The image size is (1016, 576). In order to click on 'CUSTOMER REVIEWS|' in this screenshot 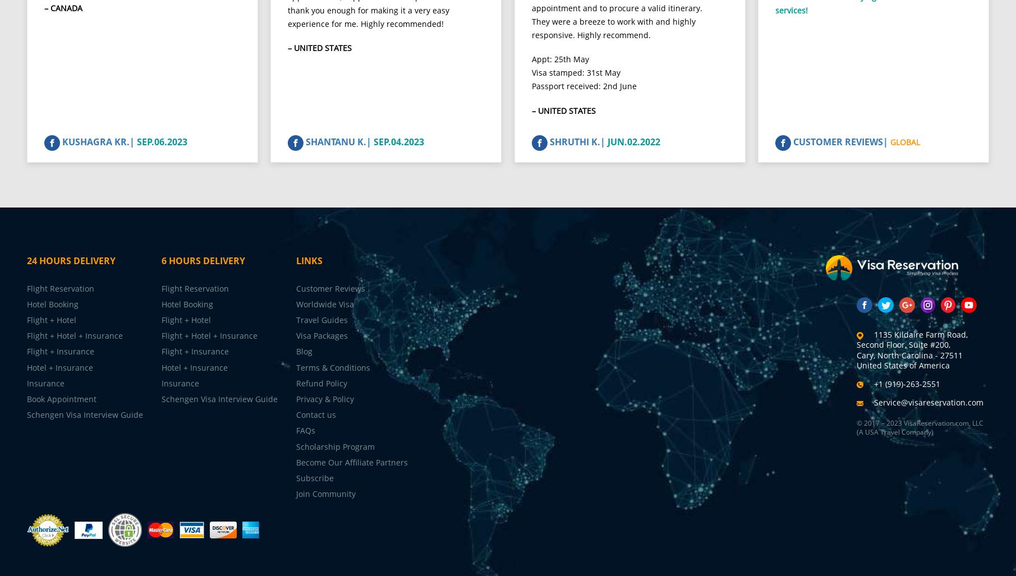, I will do `click(840, 150)`.